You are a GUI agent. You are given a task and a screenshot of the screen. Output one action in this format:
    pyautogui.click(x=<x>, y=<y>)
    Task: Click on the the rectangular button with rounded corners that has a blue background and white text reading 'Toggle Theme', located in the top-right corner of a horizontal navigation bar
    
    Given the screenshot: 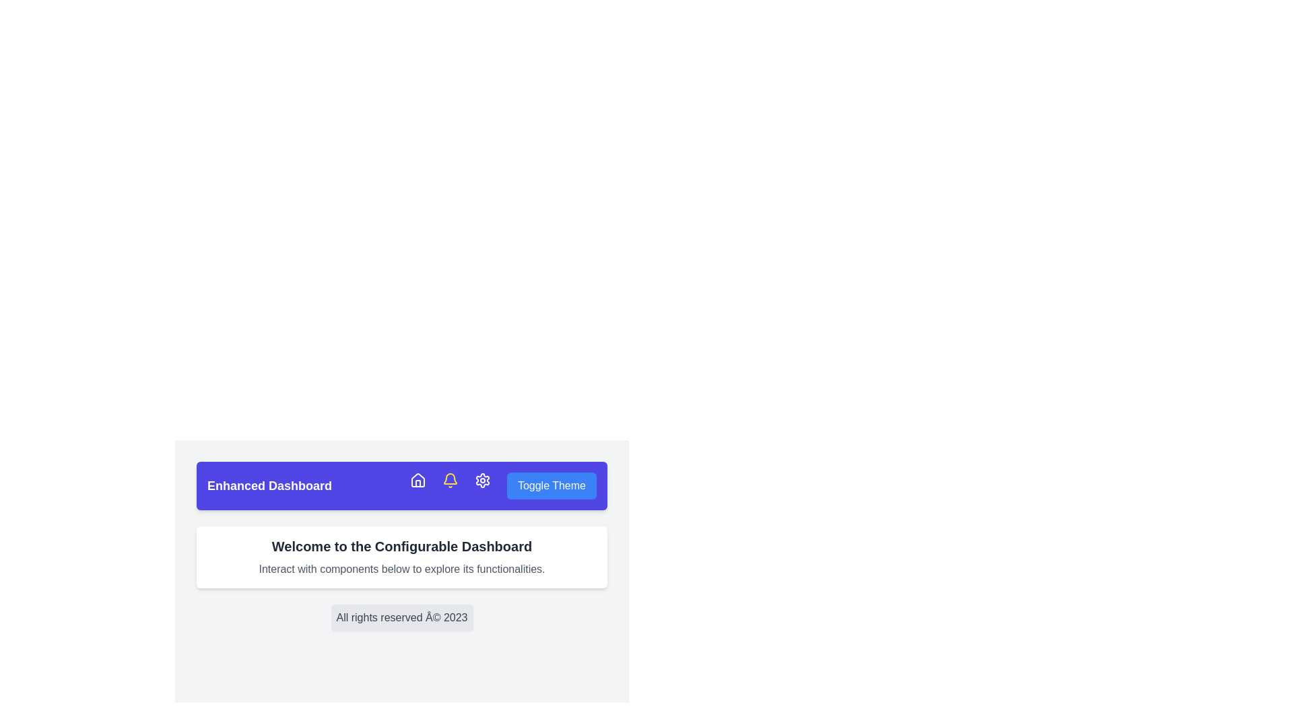 What is the action you would take?
    pyautogui.click(x=552, y=485)
    